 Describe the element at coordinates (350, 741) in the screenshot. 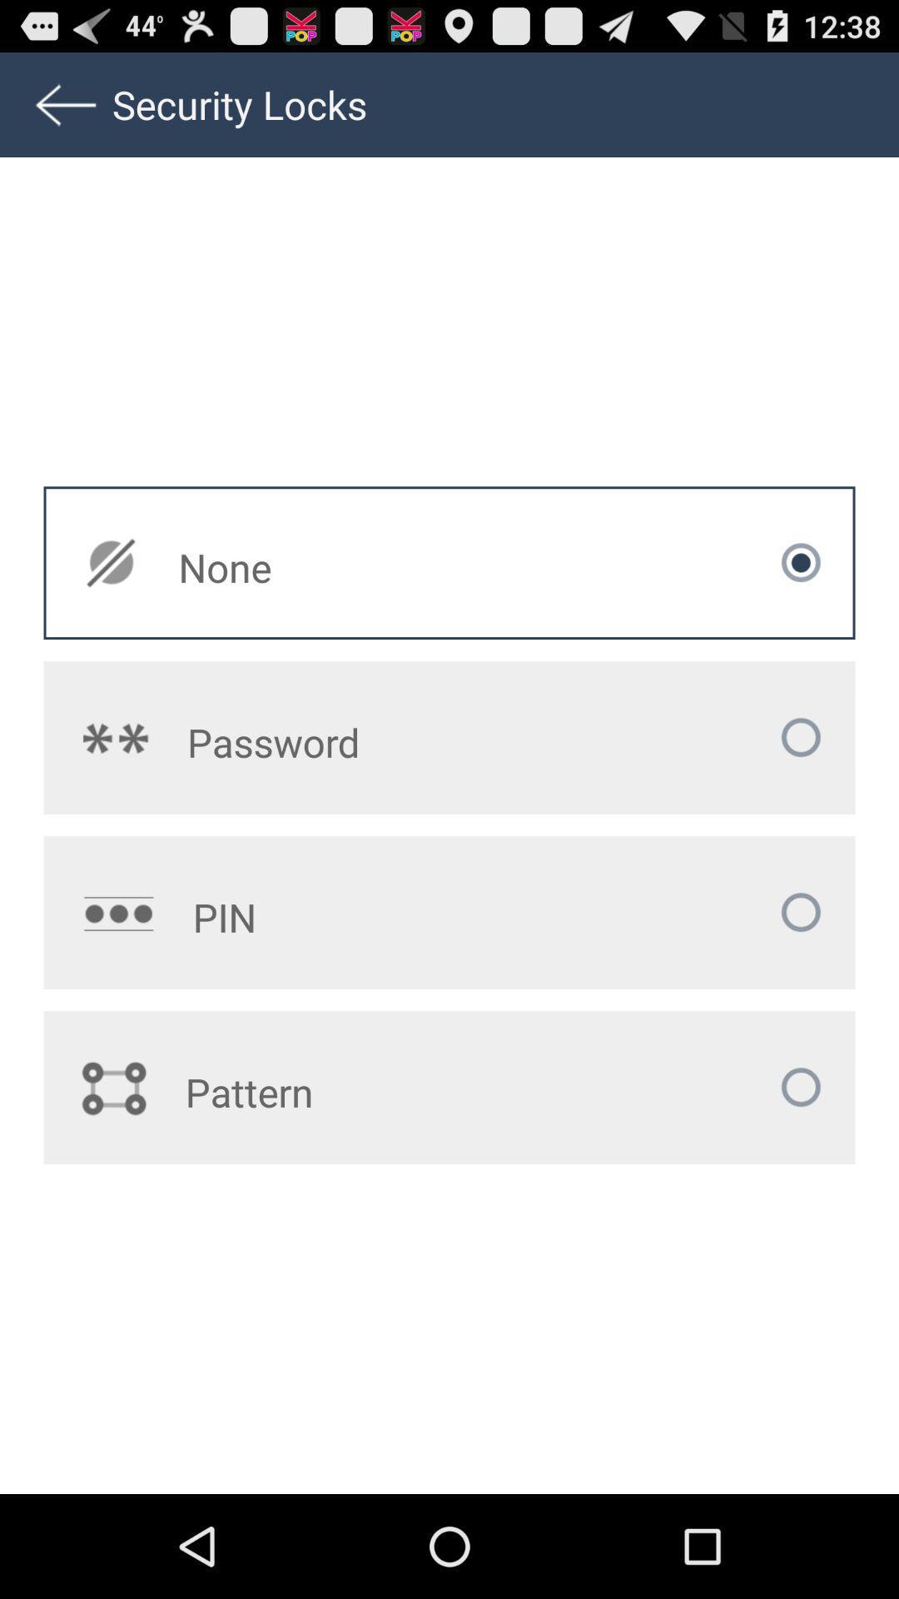

I see `the password icon` at that location.